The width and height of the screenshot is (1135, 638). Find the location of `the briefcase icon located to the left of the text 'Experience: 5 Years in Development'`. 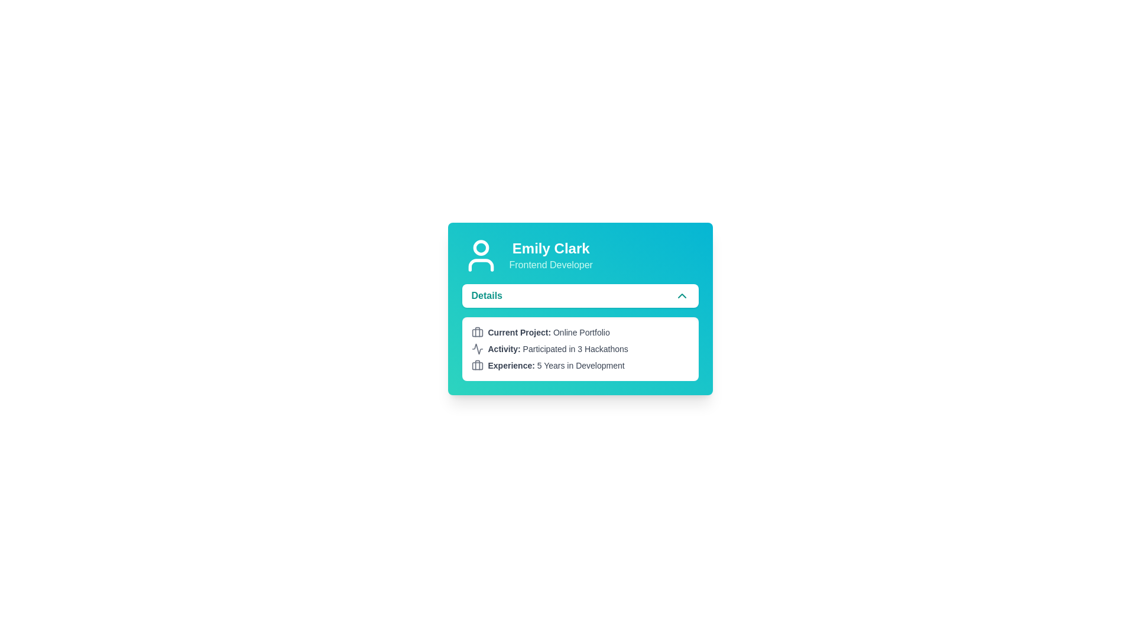

the briefcase icon located to the left of the text 'Experience: 5 Years in Development' is located at coordinates (477, 364).